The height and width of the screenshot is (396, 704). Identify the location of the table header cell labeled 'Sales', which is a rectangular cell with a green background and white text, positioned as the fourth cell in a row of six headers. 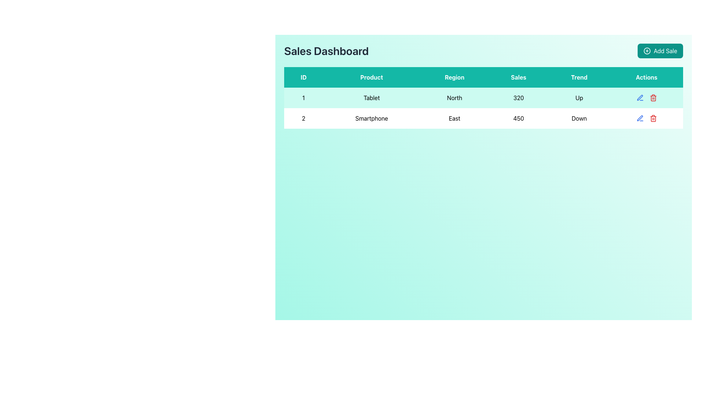
(518, 77).